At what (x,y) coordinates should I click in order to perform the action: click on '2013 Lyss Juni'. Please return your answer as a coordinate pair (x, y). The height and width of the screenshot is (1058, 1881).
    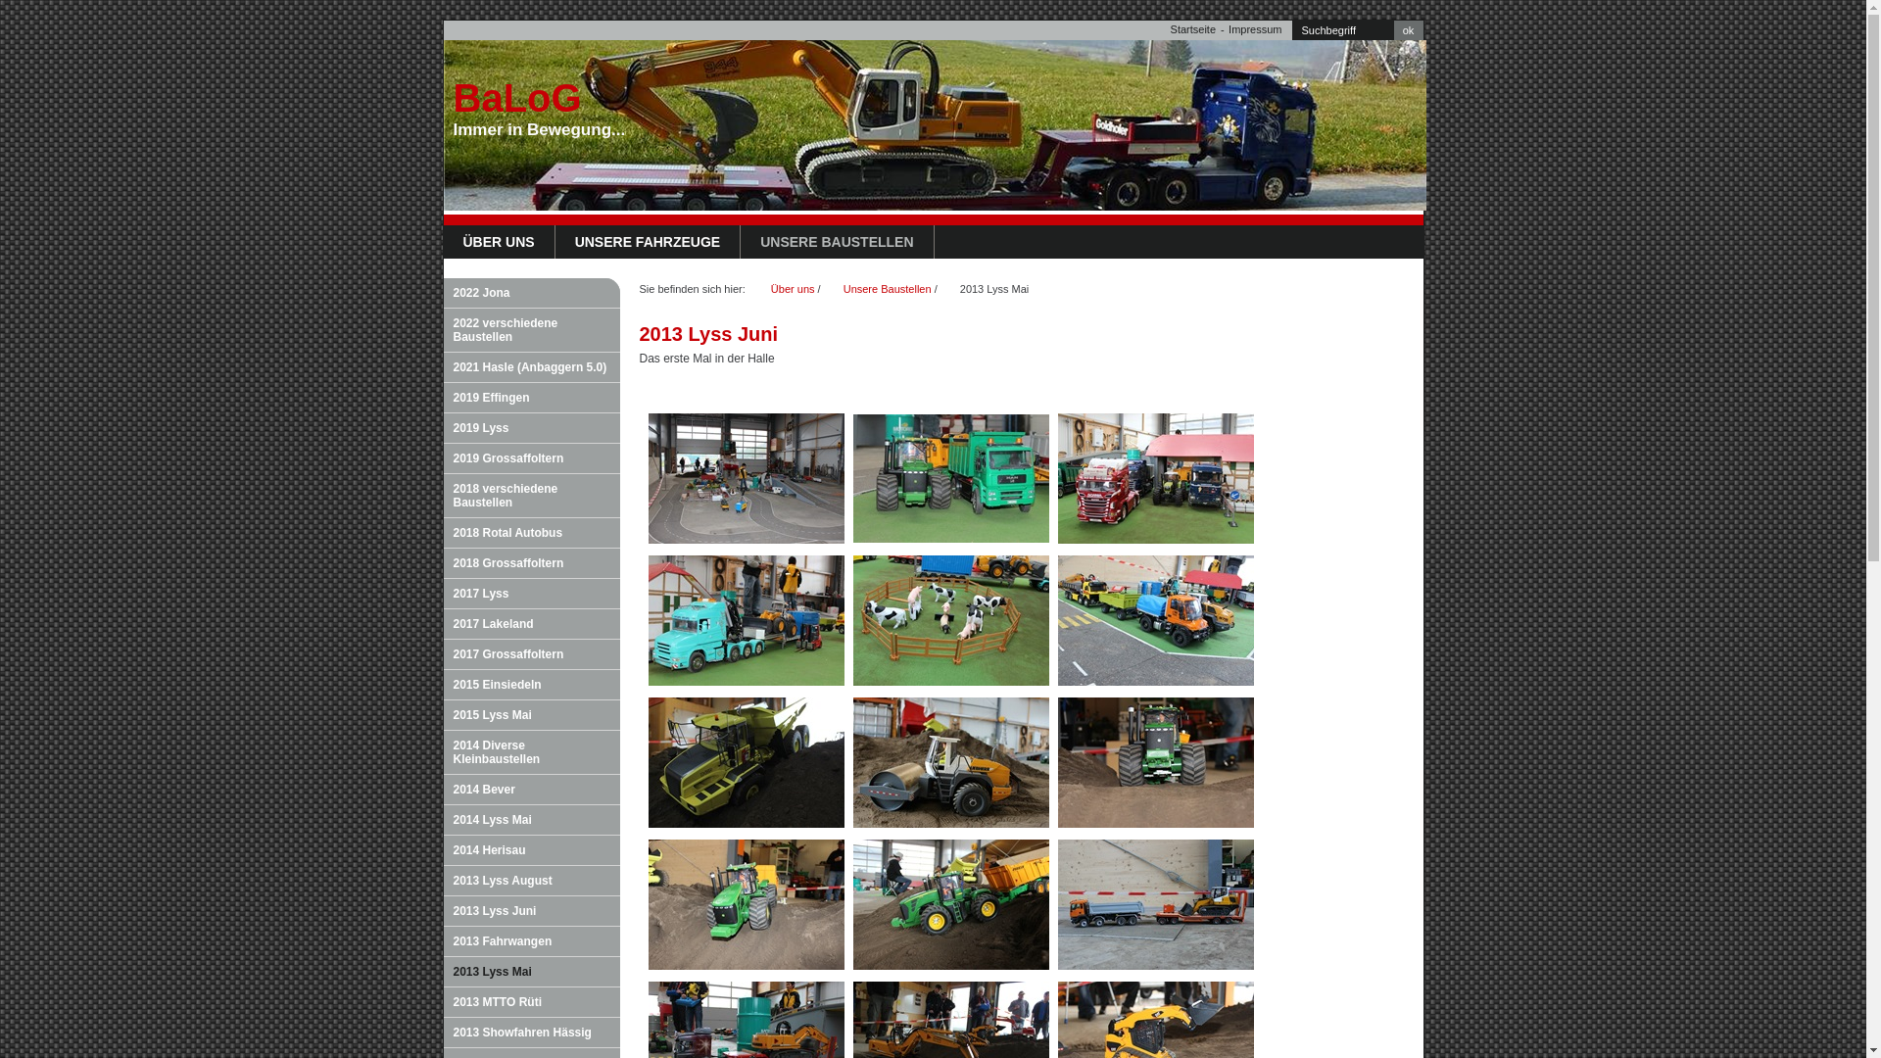
    Looking at the image, I should click on (531, 911).